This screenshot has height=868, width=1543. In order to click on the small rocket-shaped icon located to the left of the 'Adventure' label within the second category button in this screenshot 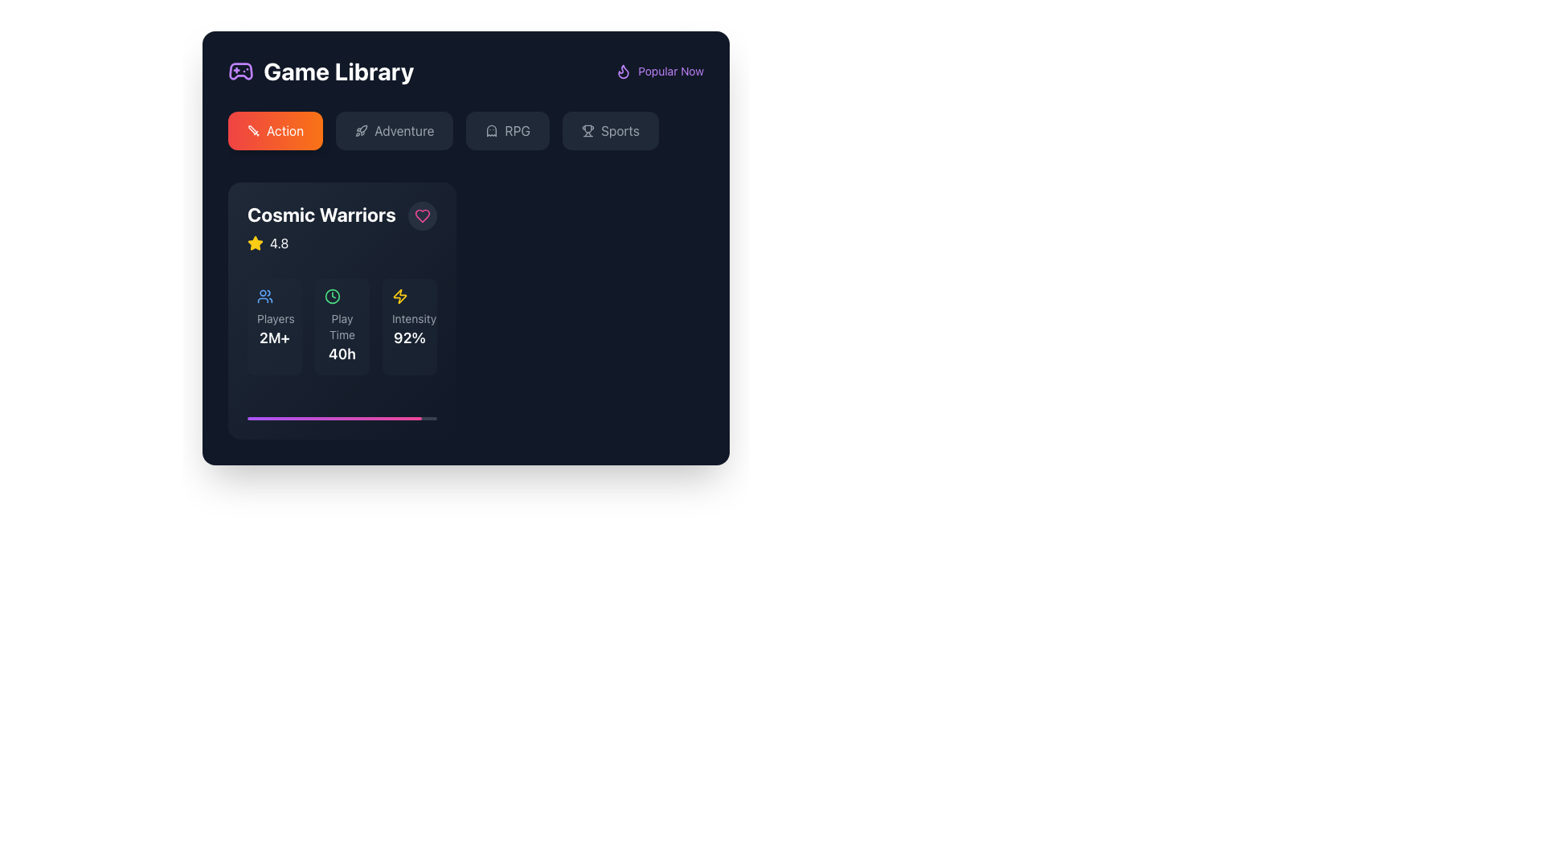, I will do `click(361, 129)`.